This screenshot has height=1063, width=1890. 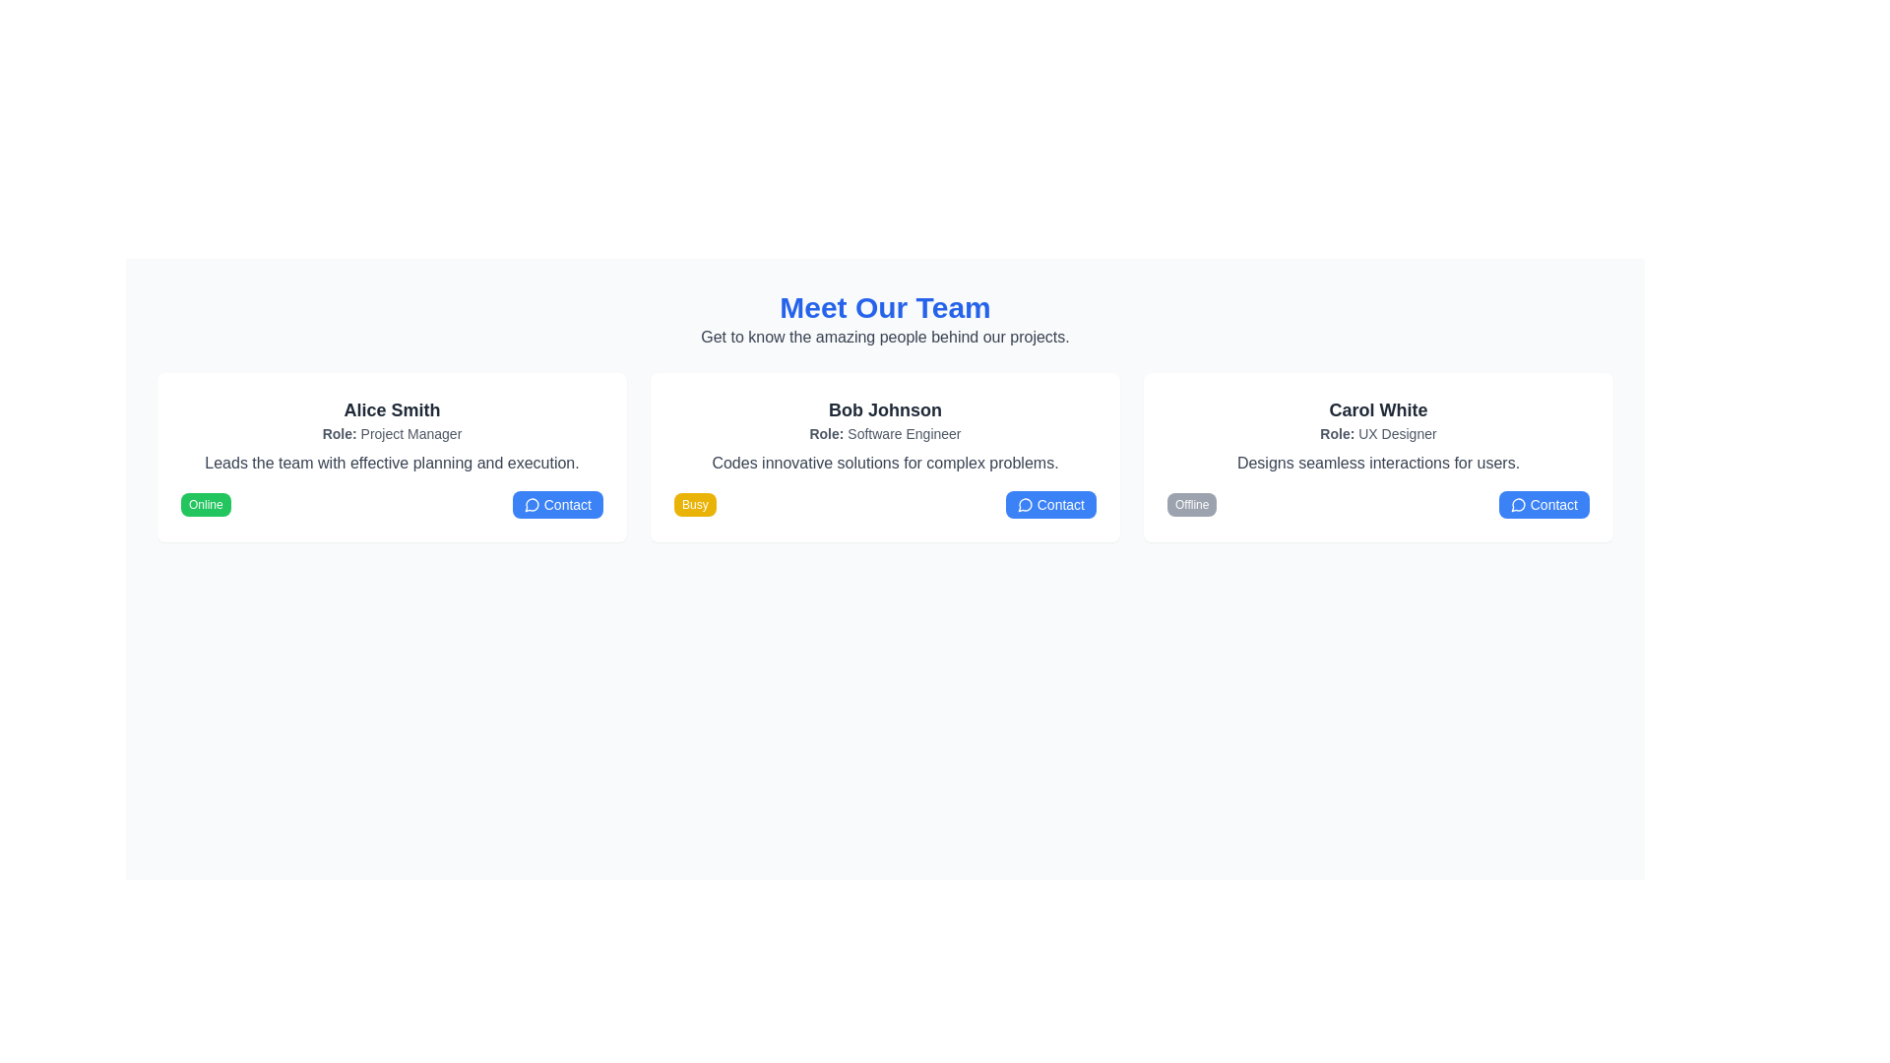 What do you see at coordinates (1377, 463) in the screenshot?
I see `the static text element that describes Carol White's responsibilities, located below the role label 'Role: UX Designer' and above the action buttons` at bounding box center [1377, 463].